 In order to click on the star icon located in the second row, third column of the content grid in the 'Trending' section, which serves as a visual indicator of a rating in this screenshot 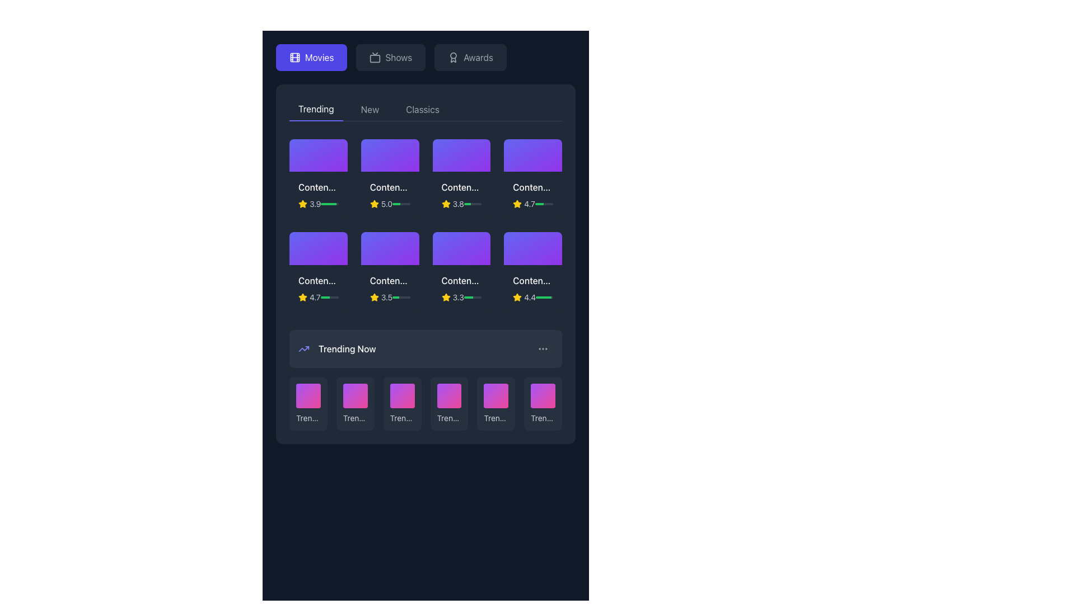, I will do `click(374, 296)`.